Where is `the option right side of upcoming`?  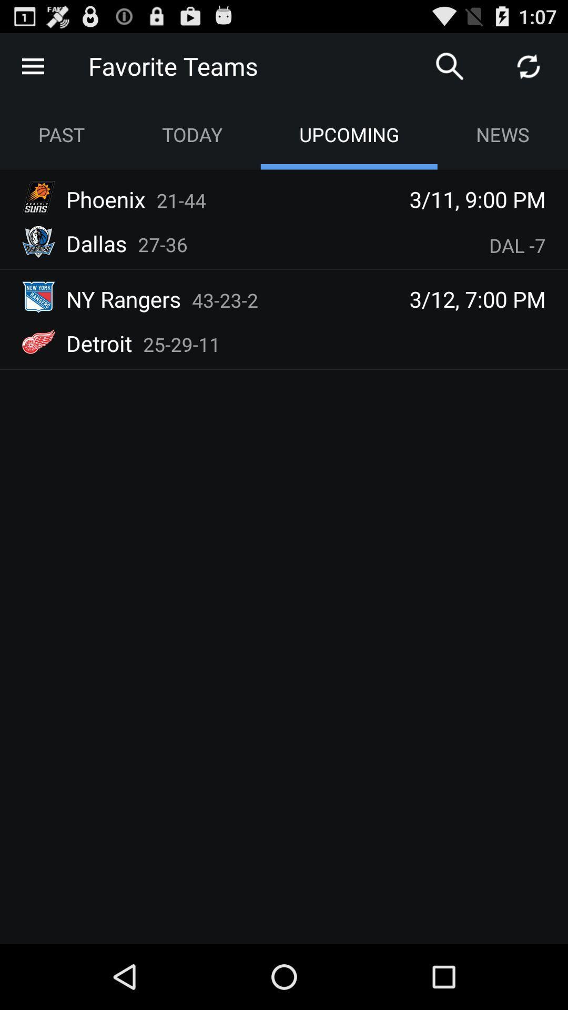
the option right side of upcoming is located at coordinates (502, 134).